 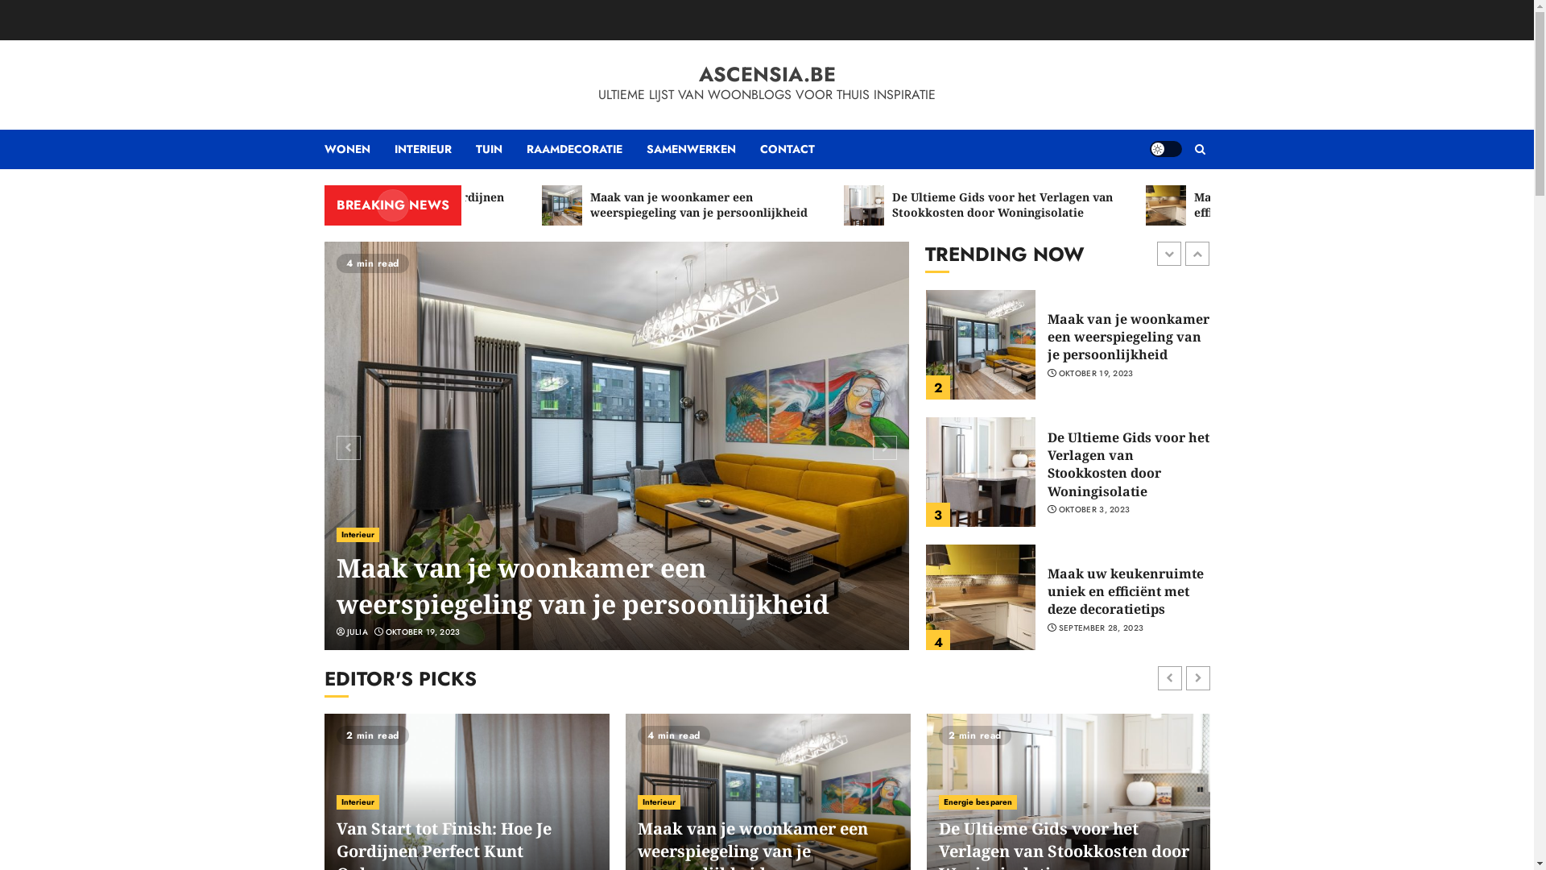 What do you see at coordinates (358, 534) in the screenshot?
I see `'Interieur'` at bounding box center [358, 534].